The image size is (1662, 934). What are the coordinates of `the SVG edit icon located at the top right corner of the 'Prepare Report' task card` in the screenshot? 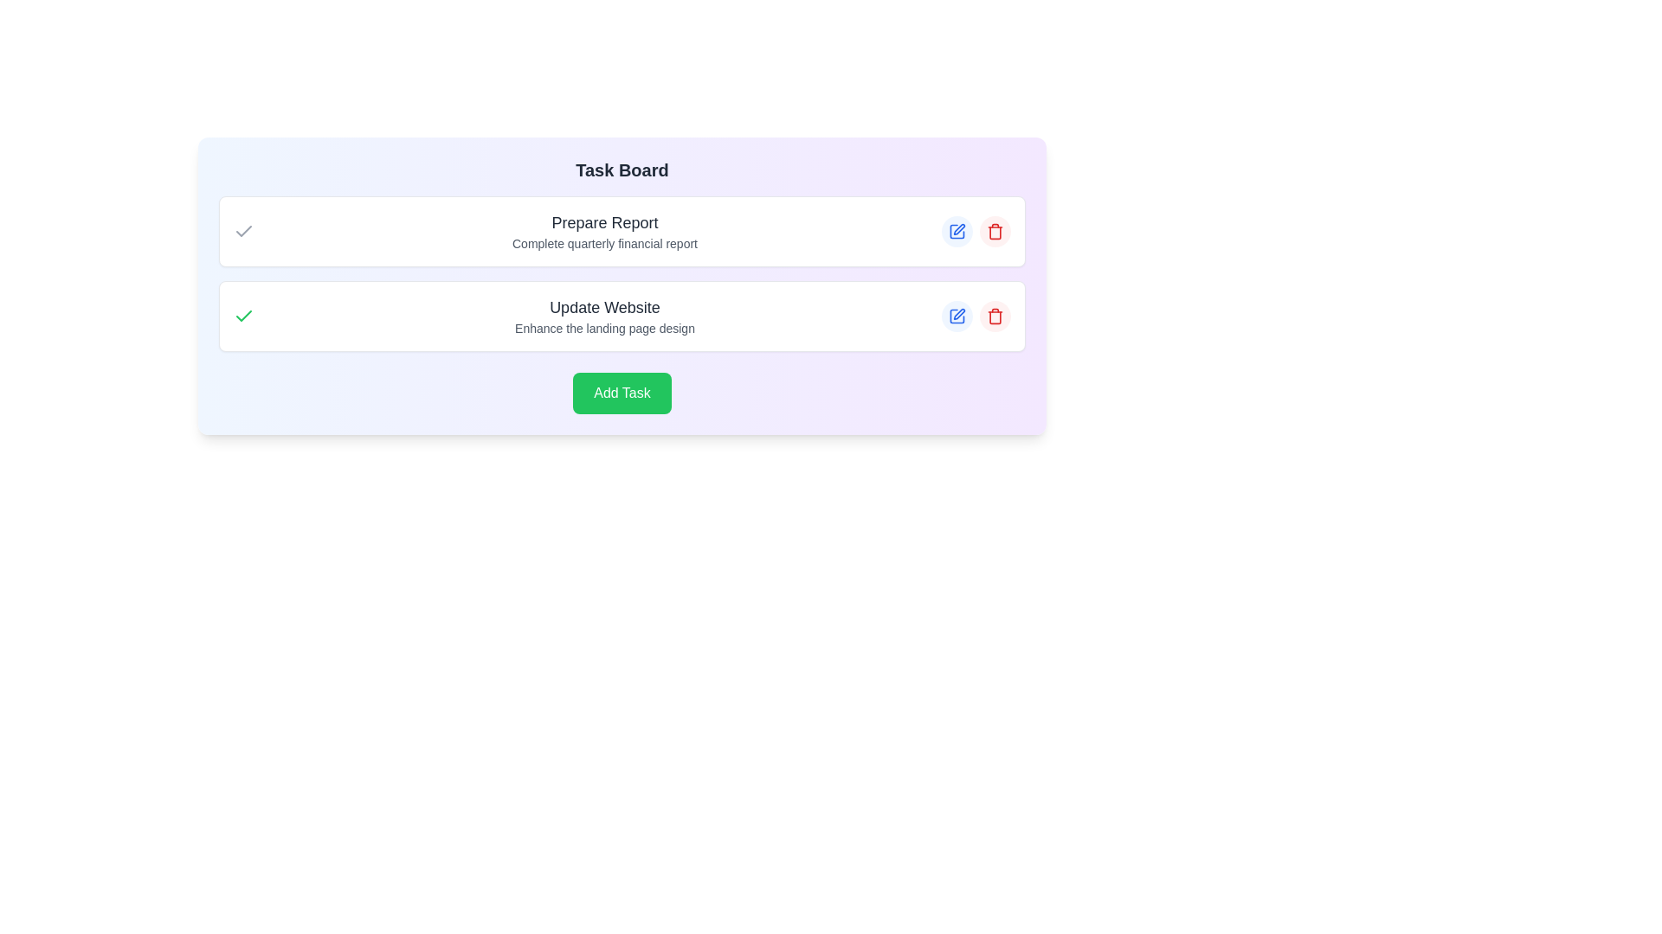 It's located at (956, 230).